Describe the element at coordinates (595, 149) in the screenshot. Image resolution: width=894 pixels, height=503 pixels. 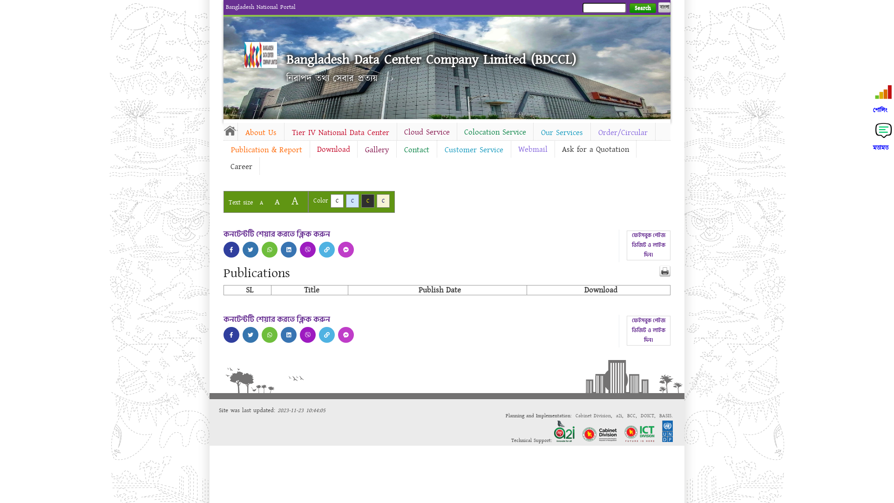
I see `'Ask for a Quotation'` at that location.